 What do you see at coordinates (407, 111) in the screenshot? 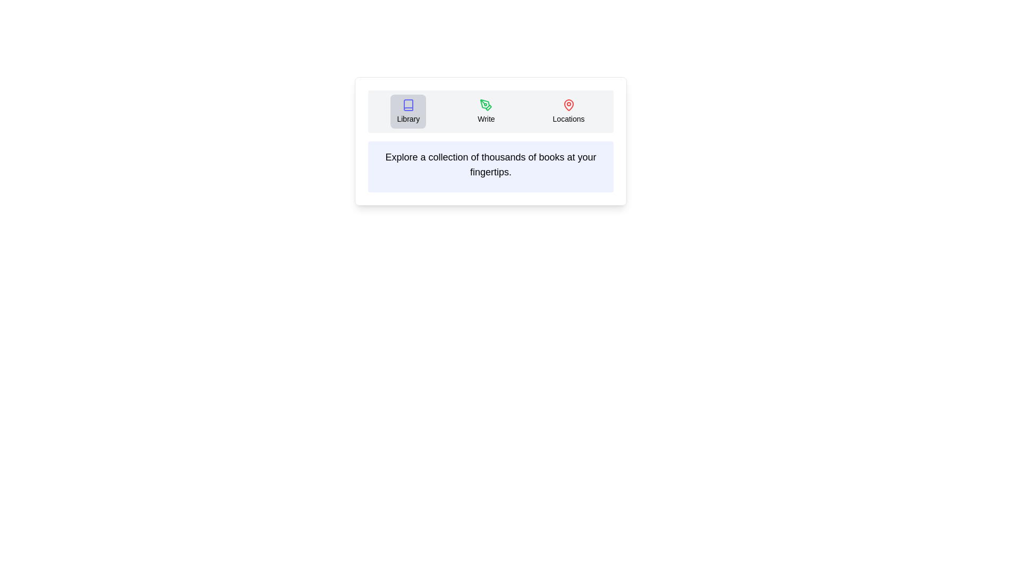
I see `the tab labeled Library` at bounding box center [407, 111].